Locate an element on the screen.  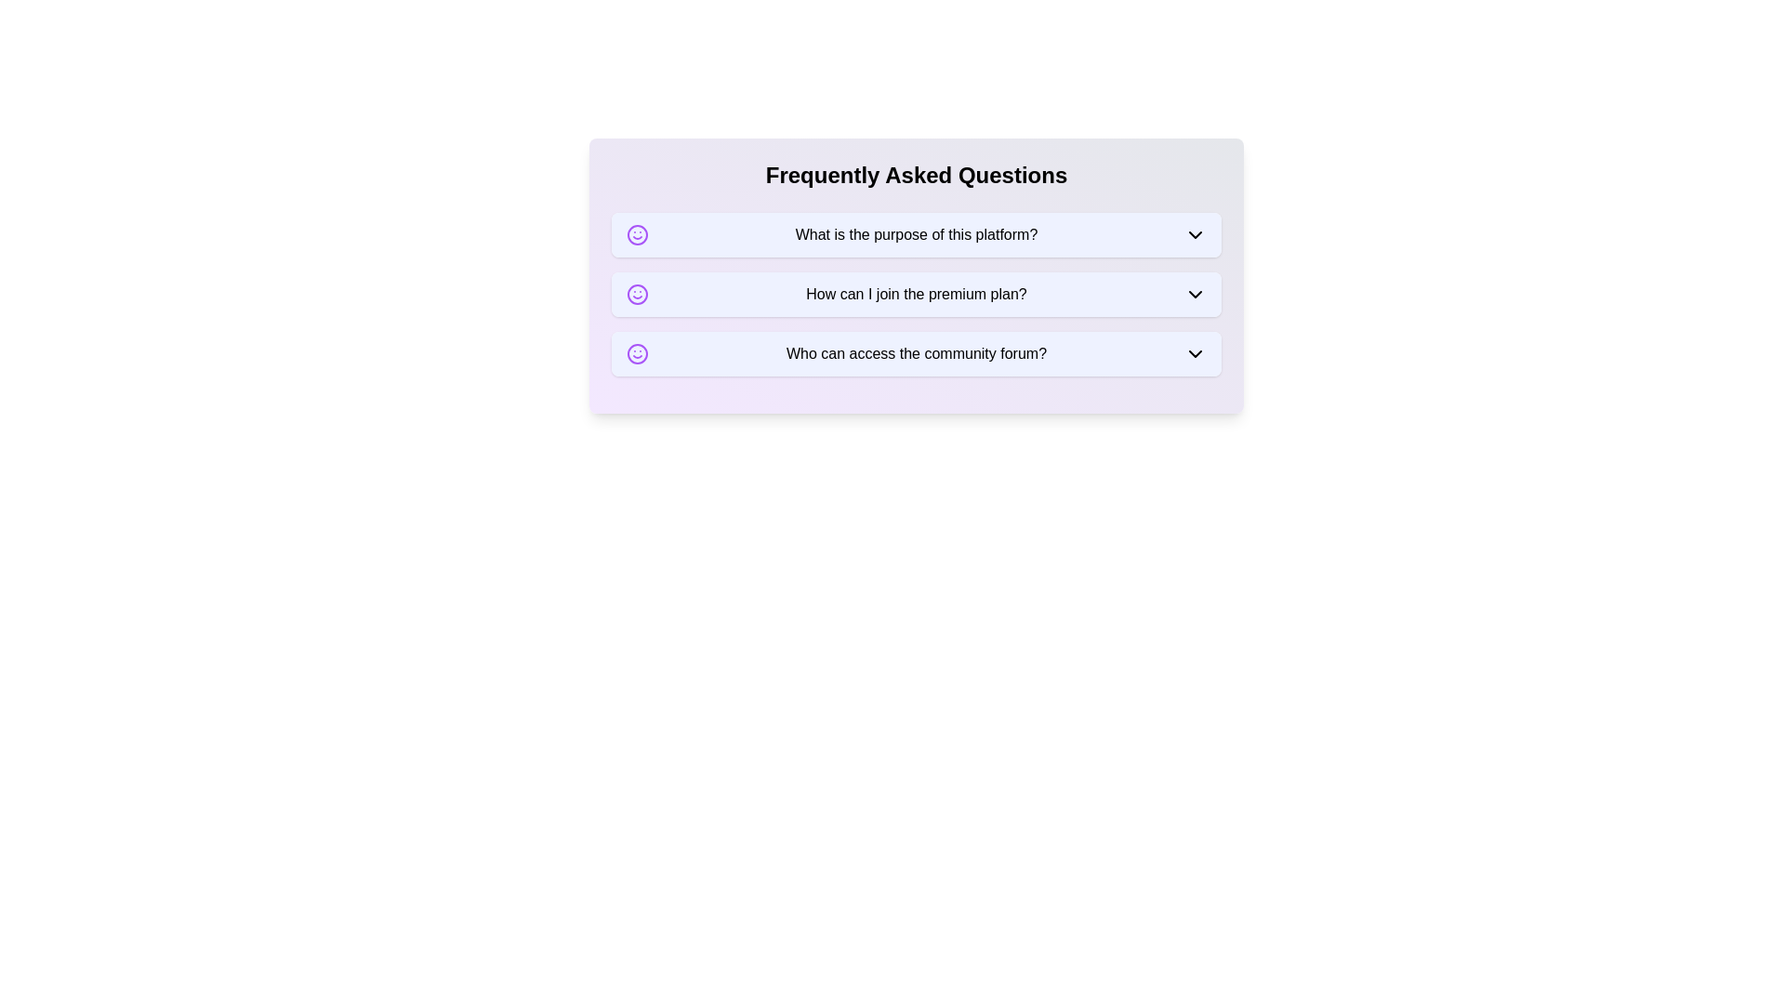
the interactive chevron icon is located at coordinates (1196, 234).